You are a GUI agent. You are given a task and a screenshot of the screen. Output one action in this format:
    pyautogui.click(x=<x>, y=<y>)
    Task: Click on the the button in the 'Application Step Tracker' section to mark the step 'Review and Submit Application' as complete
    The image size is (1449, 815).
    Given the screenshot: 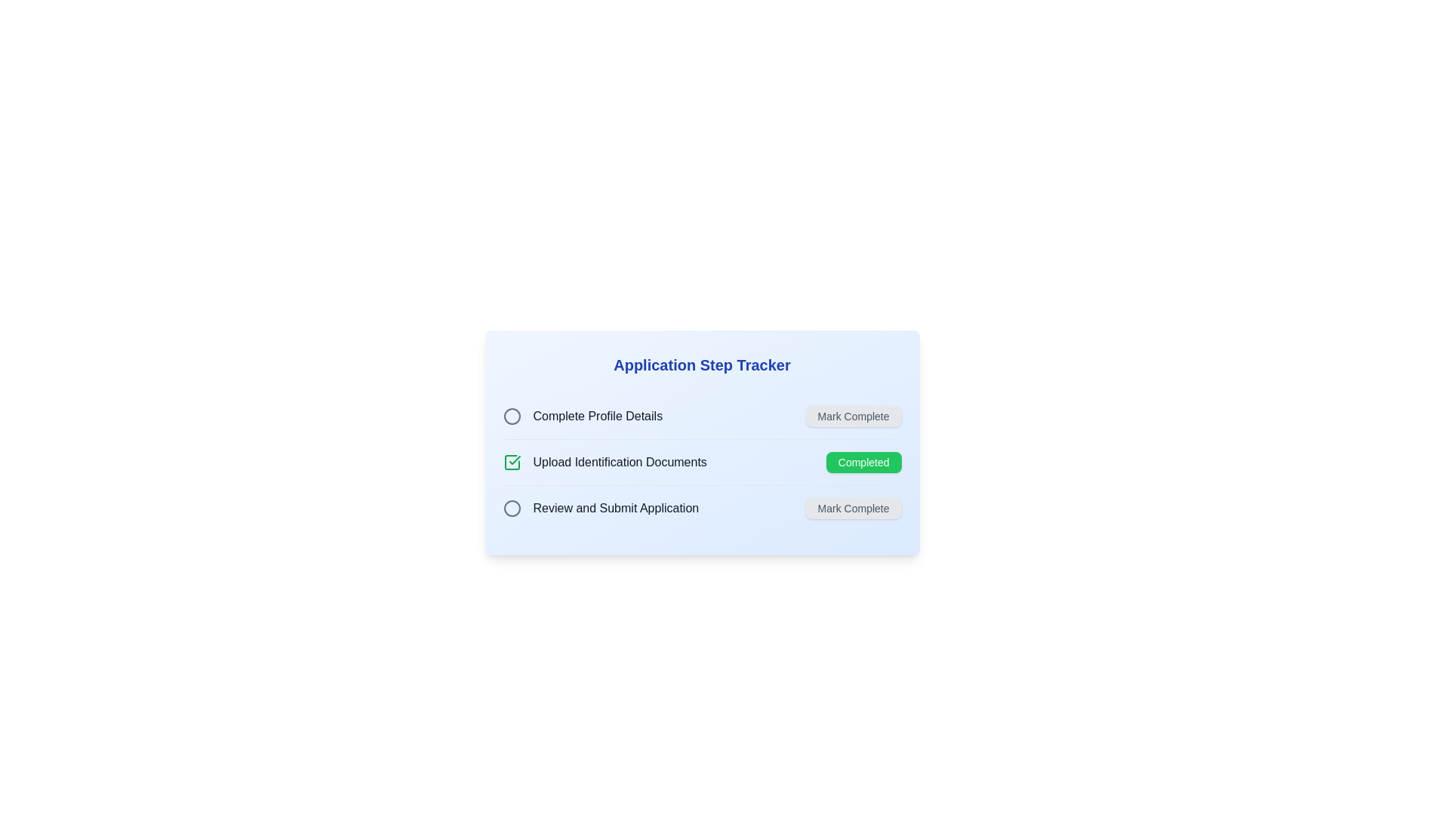 What is the action you would take?
    pyautogui.click(x=854, y=509)
    